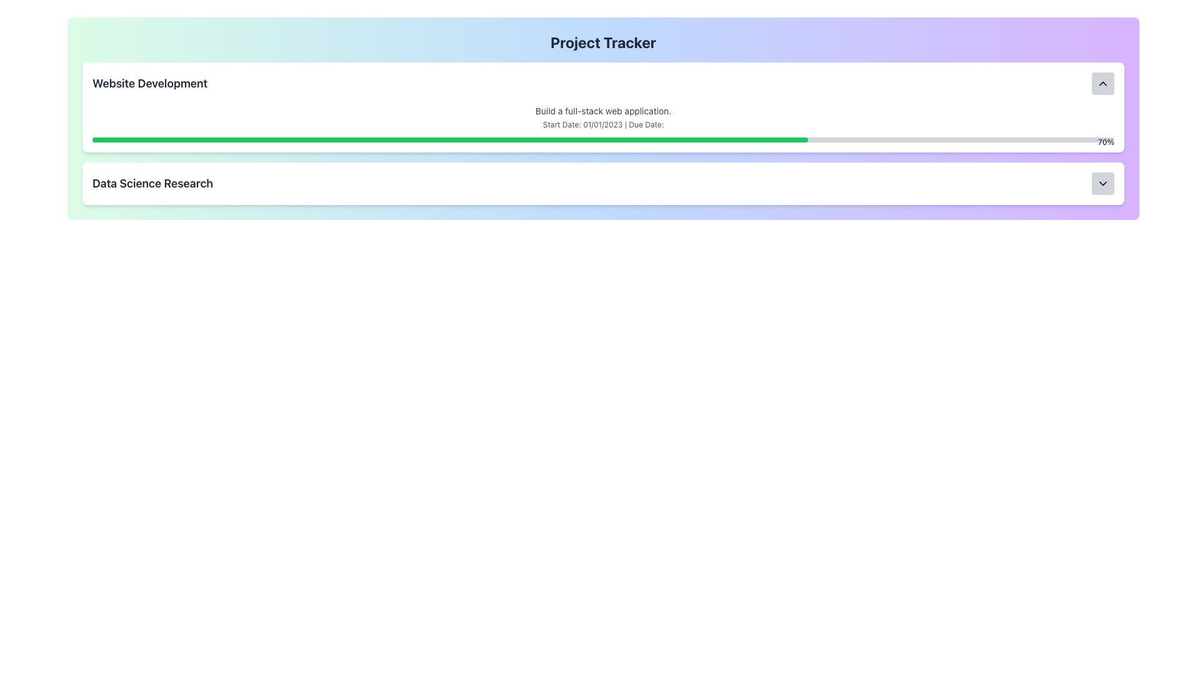 The width and height of the screenshot is (1200, 675). What do you see at coordinates (603, 125) in the screenshot?
I see `static textual label displaying 'Start Date: 01/01/2023 | Due Date:' located between the header 'Build a full-stack web application.' and the progress bar in the 'Website Development' section` at bounding box center [603, 125].